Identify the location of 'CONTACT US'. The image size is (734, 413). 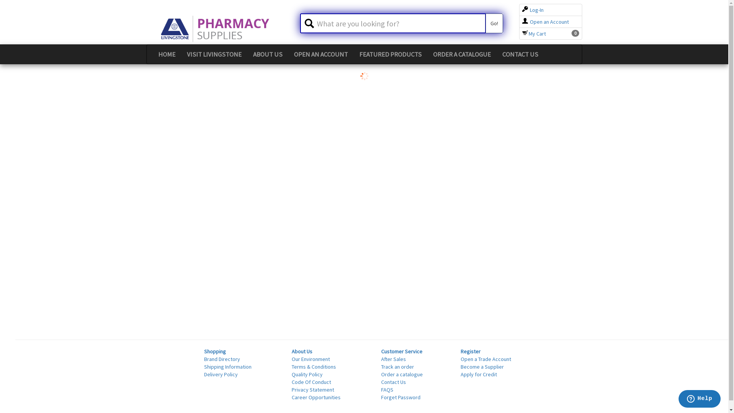
(520, 54).